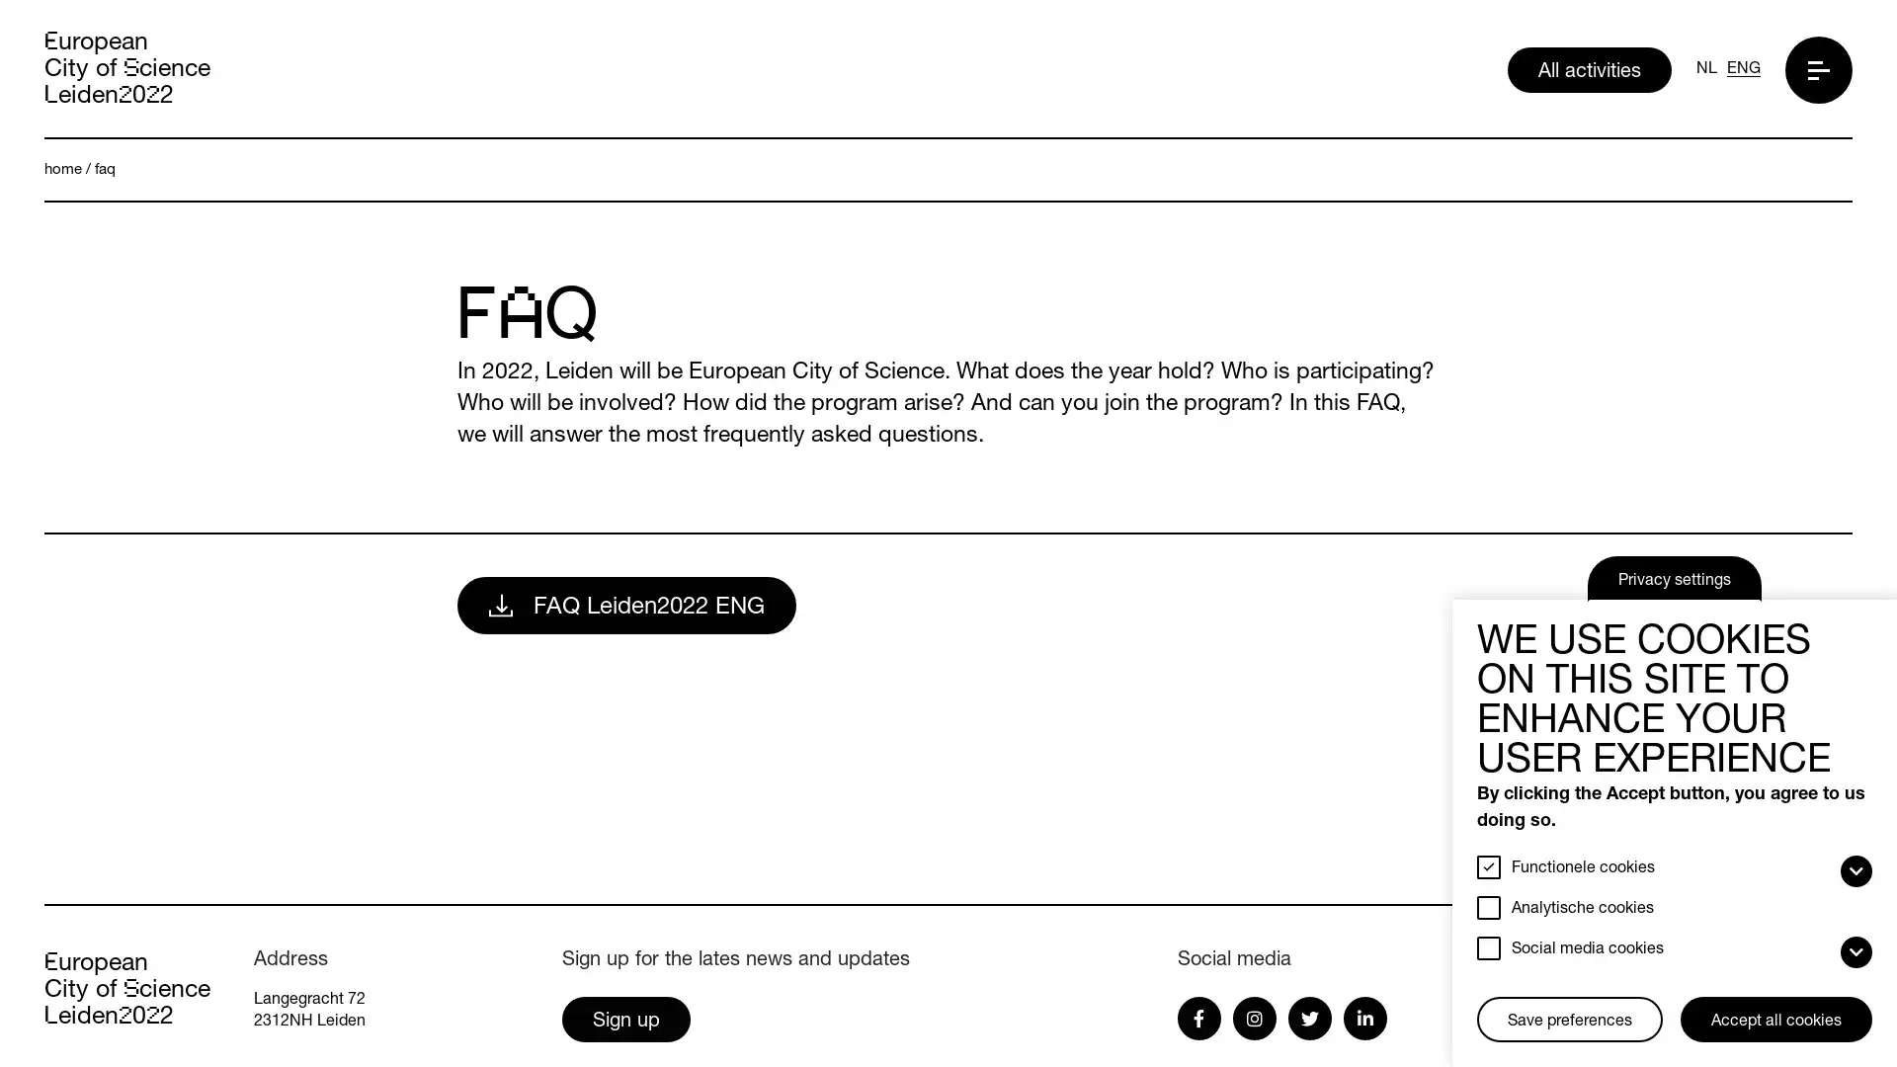  I want to click on Save preferences, so click(1568, 1020).